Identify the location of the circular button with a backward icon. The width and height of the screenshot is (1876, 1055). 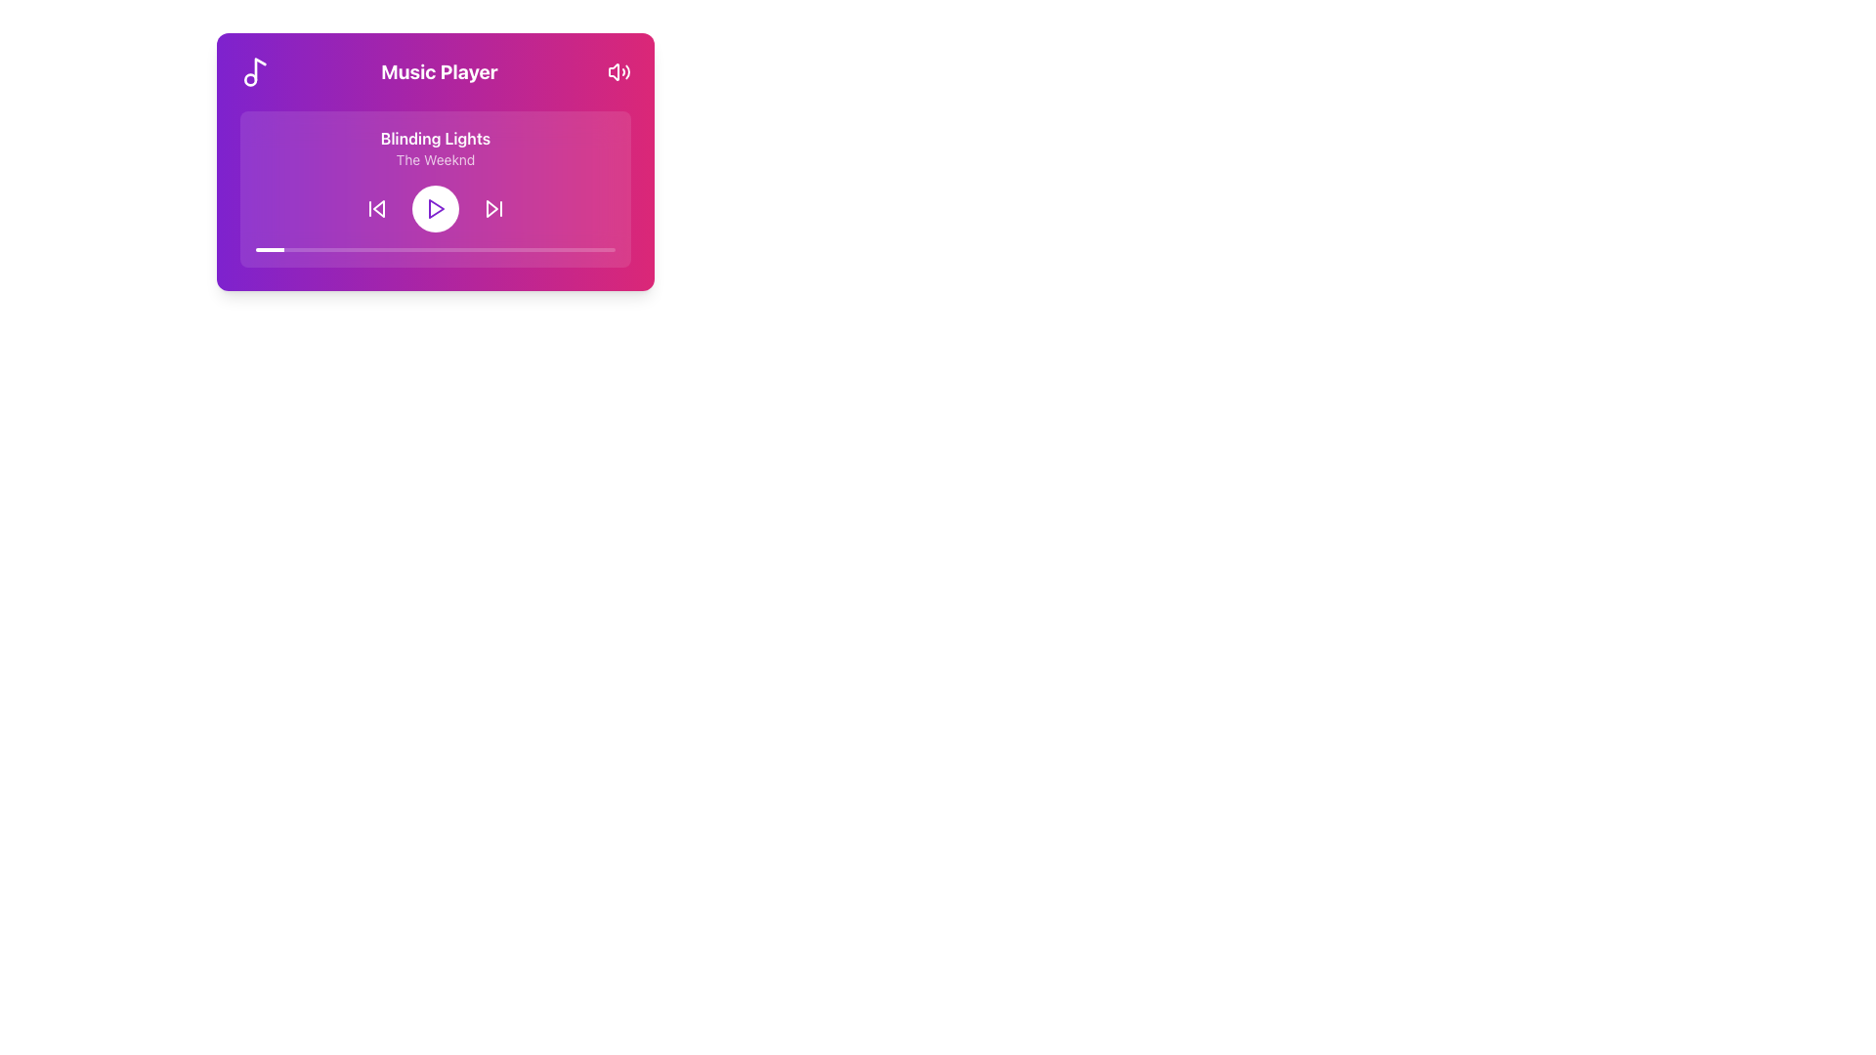
(376, 208).